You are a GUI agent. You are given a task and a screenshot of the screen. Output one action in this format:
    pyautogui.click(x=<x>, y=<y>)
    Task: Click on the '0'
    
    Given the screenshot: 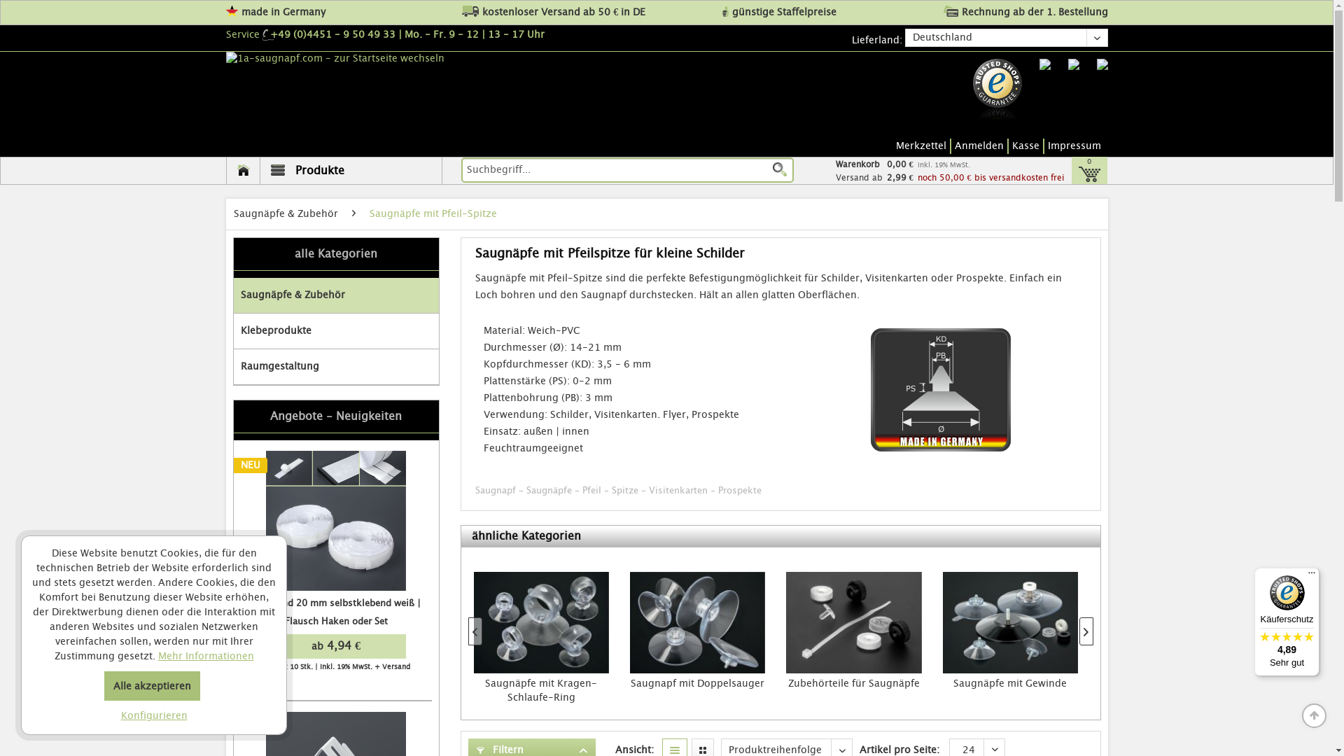 What is the action you would take?
    pyautogui.click(x=1085, y=170)
    